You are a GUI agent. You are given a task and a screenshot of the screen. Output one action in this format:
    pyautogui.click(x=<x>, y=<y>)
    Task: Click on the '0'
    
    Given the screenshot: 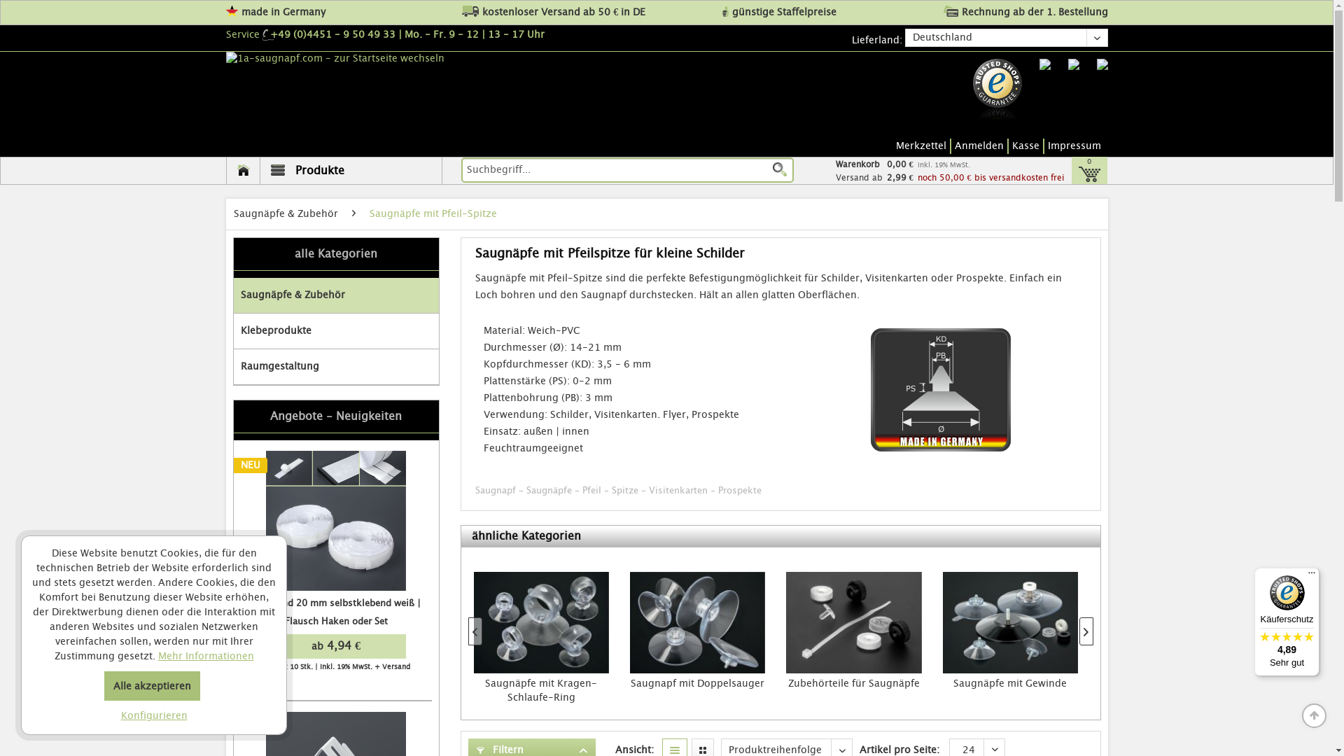 What is the action you would take?
    pyautogui.click(x=1085, y=170)
    